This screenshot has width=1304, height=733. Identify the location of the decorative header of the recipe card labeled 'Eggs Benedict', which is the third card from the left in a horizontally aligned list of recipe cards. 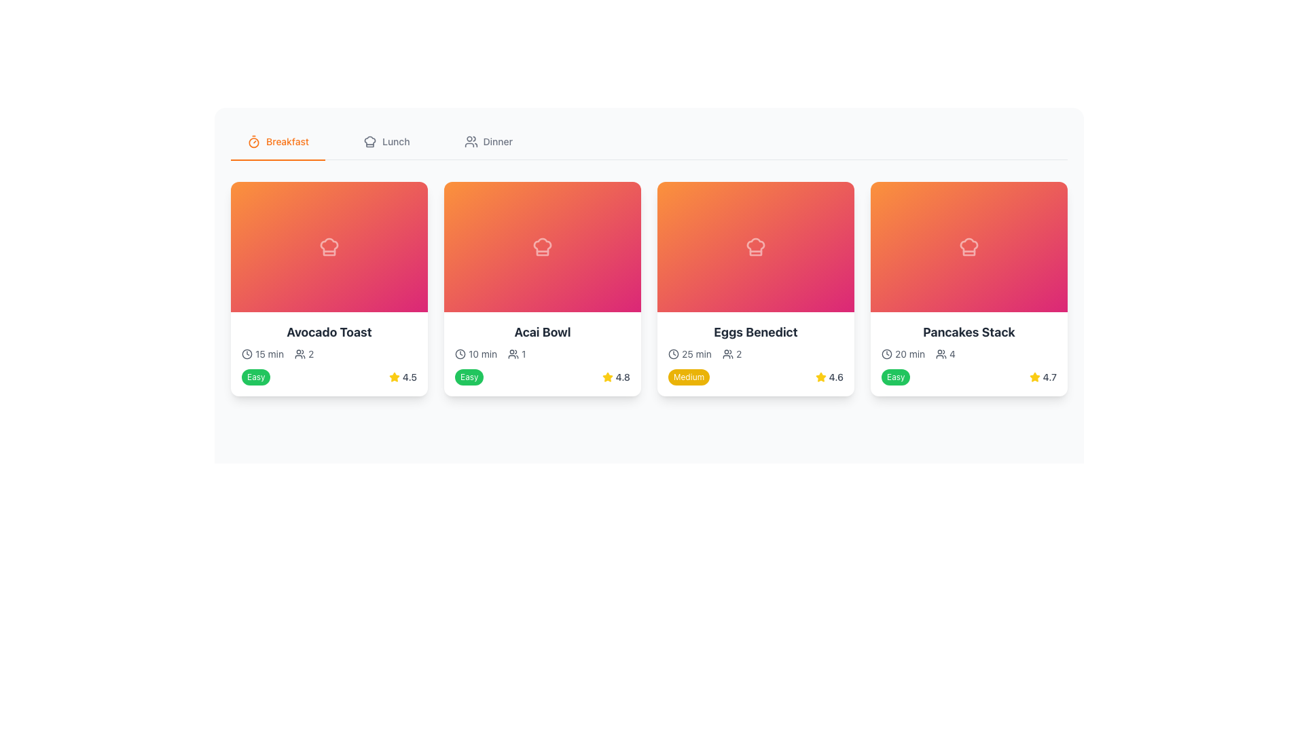
(755, 246).